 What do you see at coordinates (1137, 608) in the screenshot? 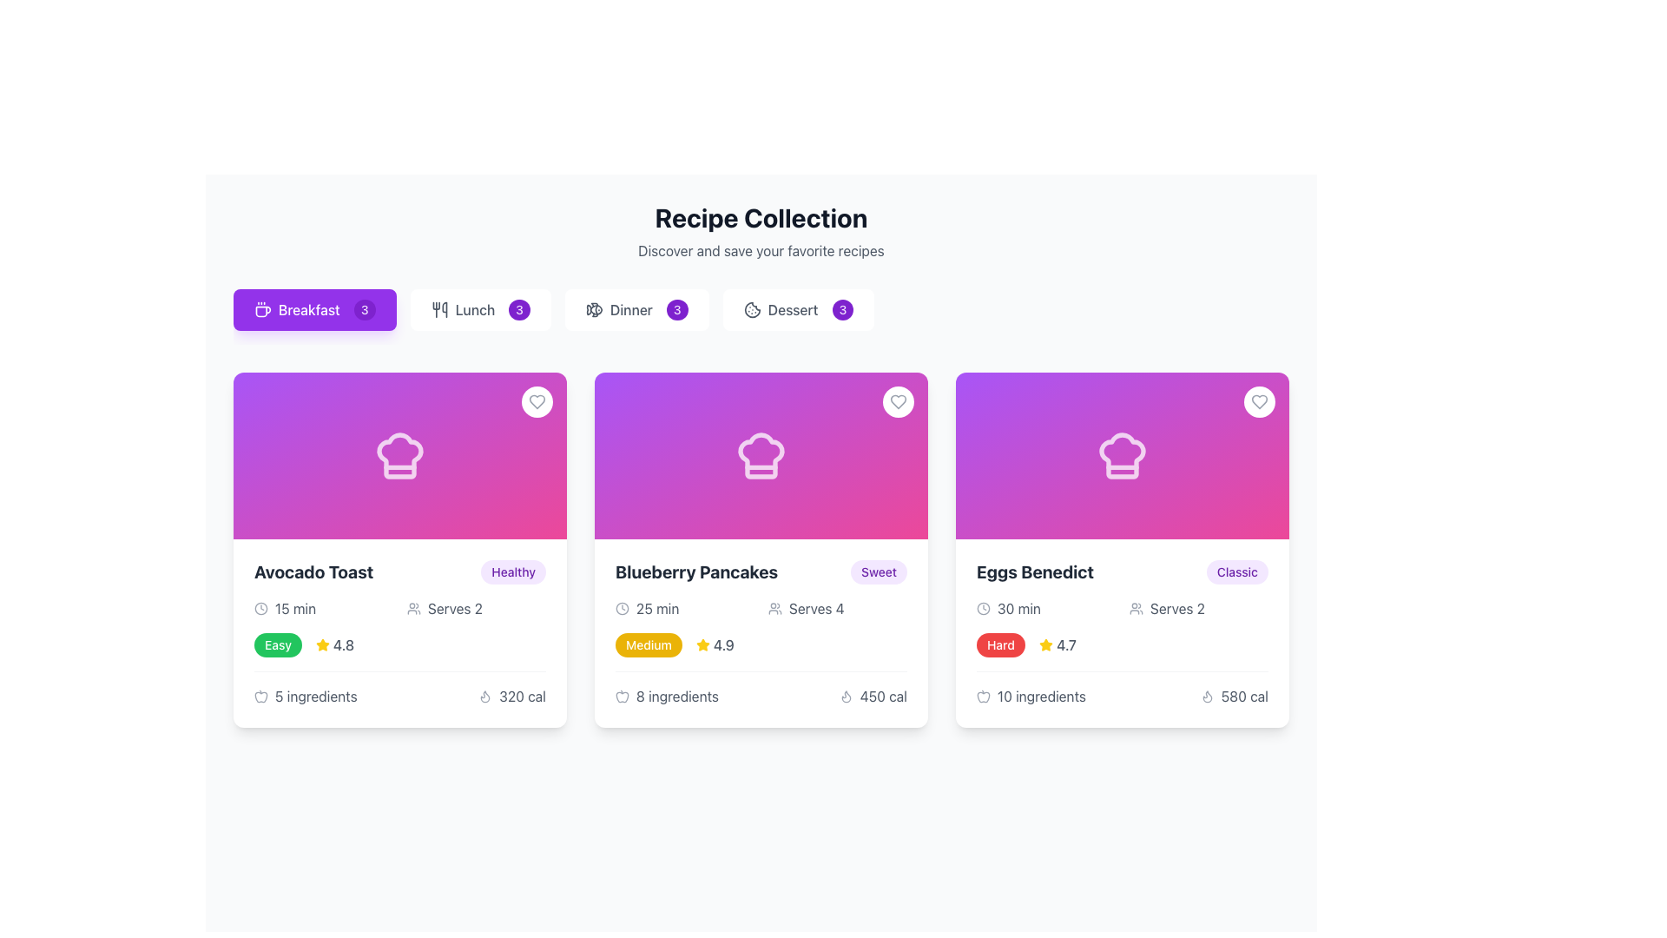
I see `the serving size icon located in the 'Eggs Benedict' recipe card next to the text 'Serves 2' in the second row of information` at bounding box center [1137, 608].